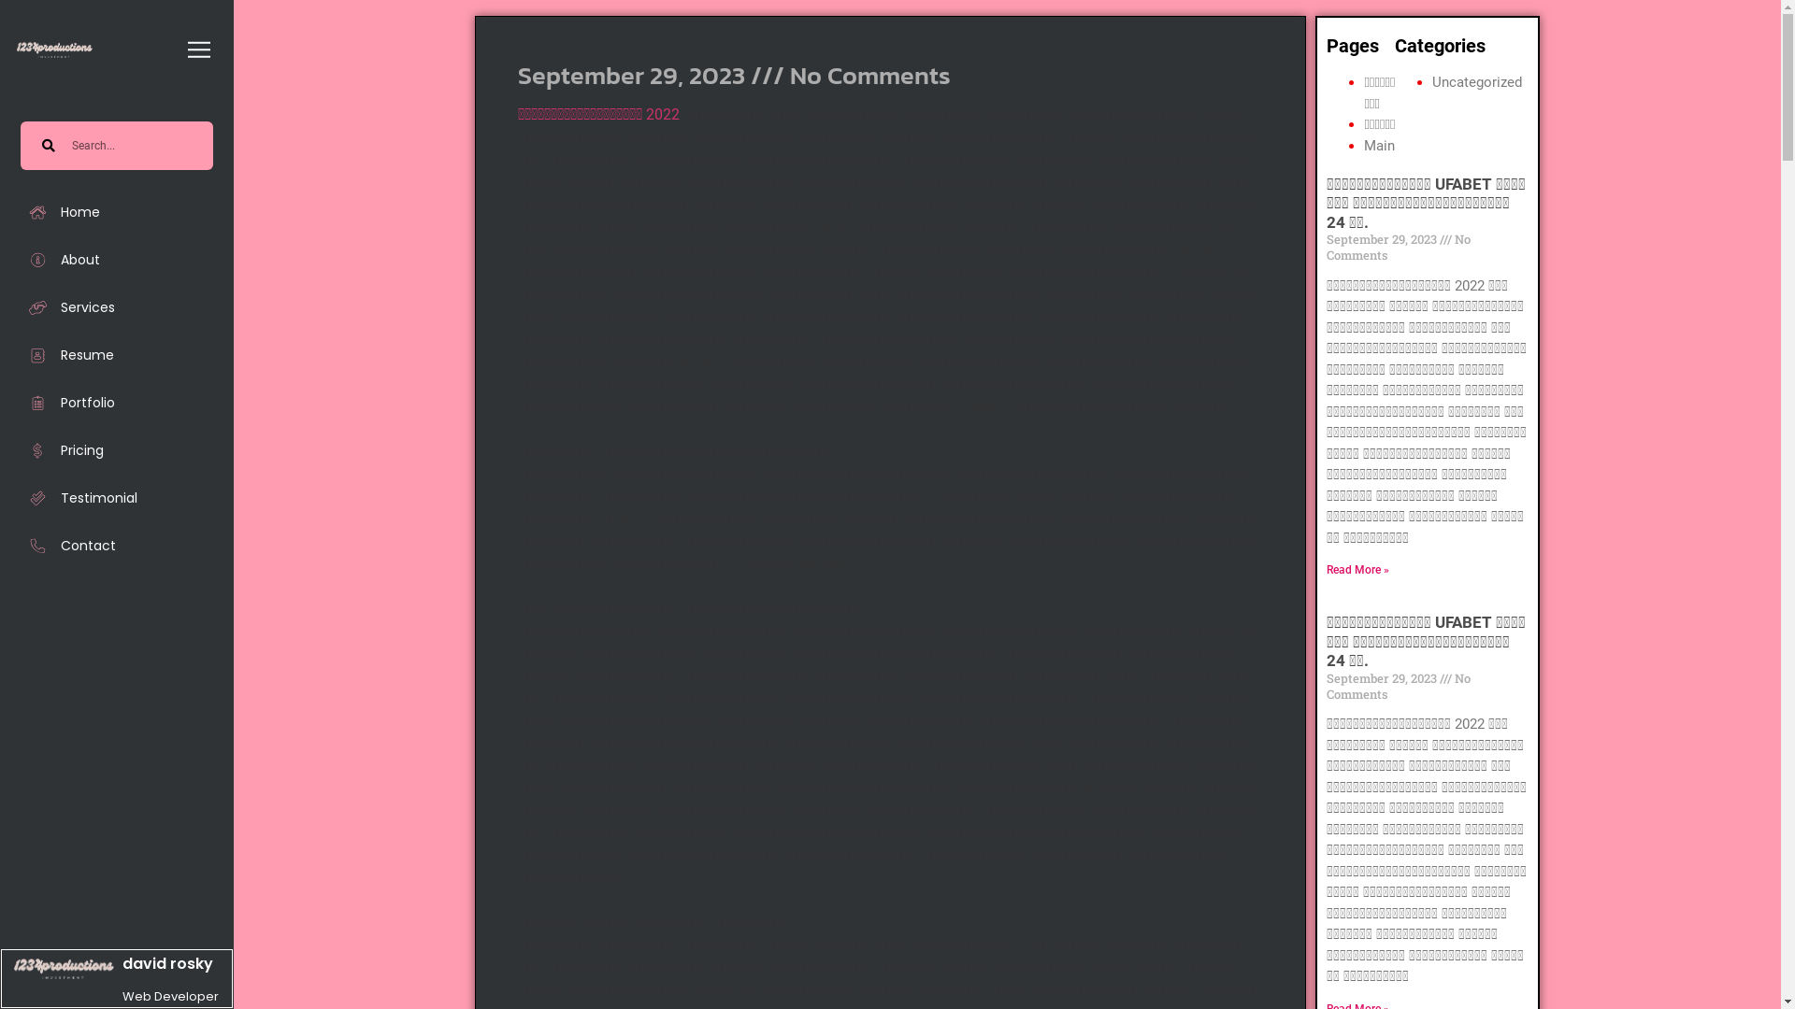  Describe the element at coordinates (133, 144) in the screenshot. I see `'Search'` at that location.